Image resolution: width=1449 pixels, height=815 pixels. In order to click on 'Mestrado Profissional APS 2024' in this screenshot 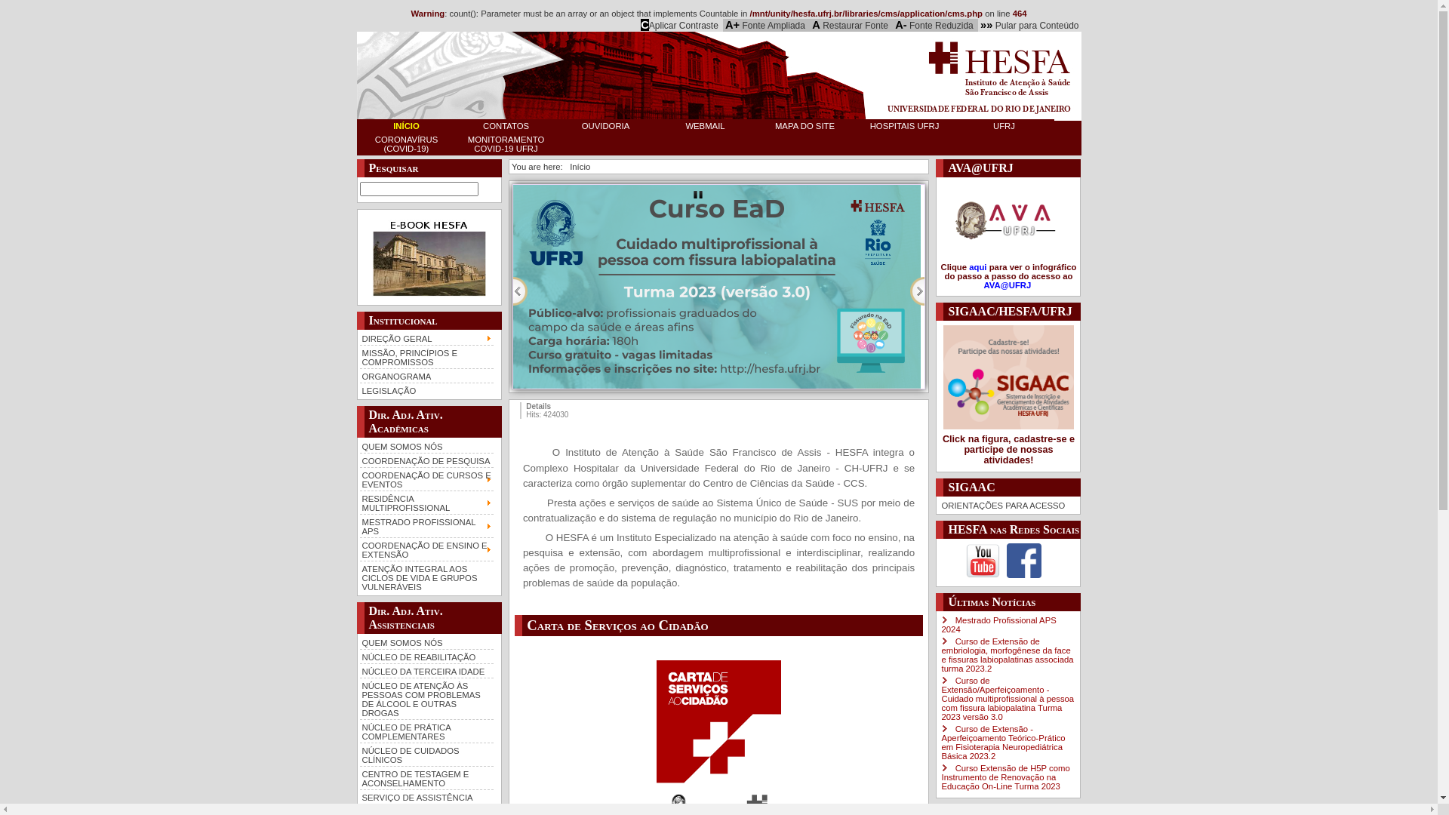, I will do `click(998, 625)`.